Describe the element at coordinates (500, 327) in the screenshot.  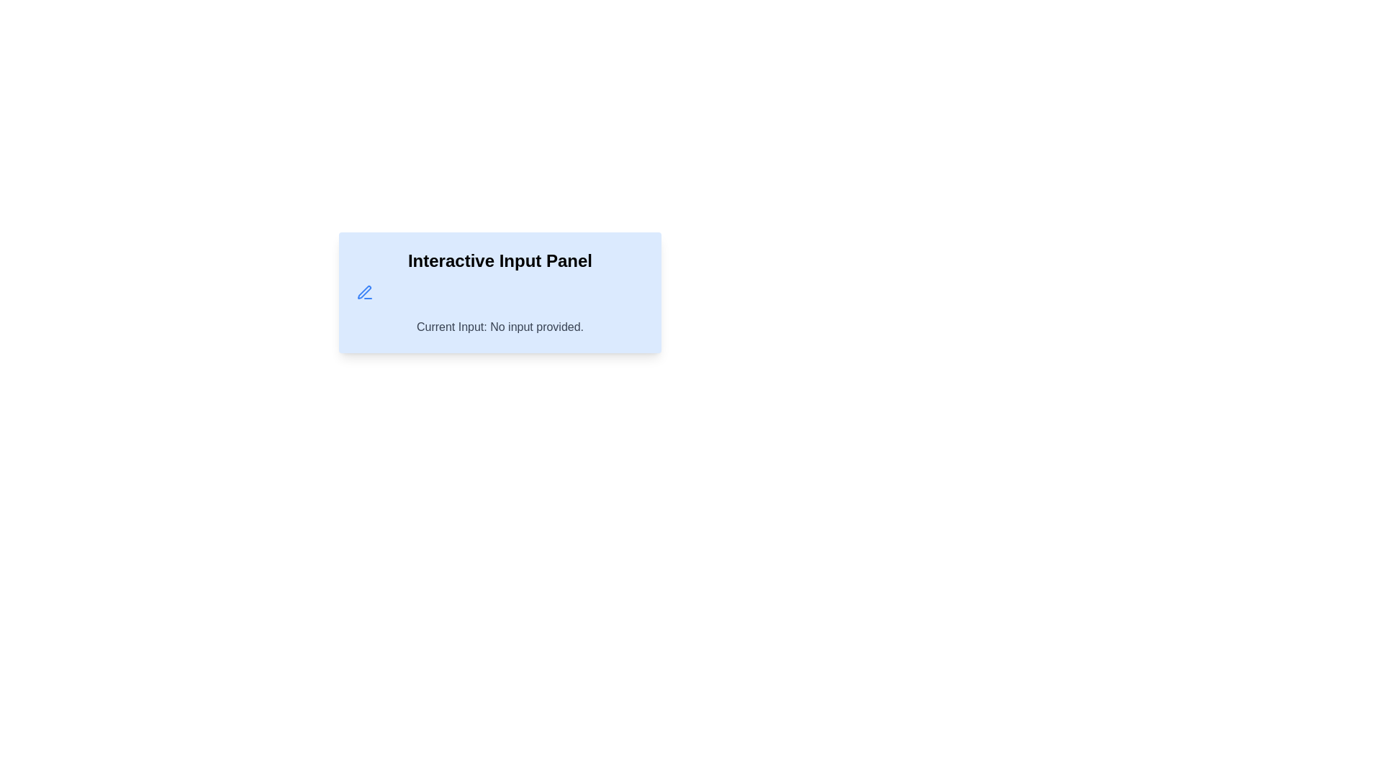
I see `the Text Label that displays 'No input provided.' located within the 'Interactive Input Panel', situated below the pen icon` at that location.